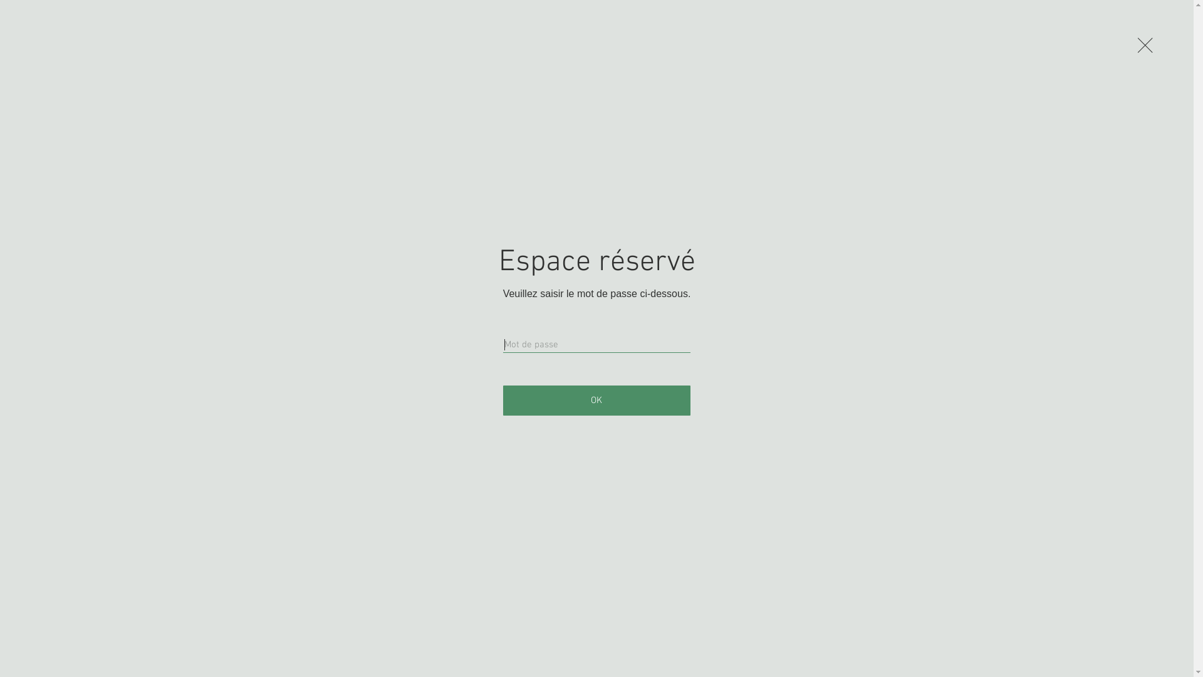 This screenshot has height=677, width=1203. What do you see at coordinates (596, 401) in the screenshot?
I see `'OK'` at bounding box center [596, 401].